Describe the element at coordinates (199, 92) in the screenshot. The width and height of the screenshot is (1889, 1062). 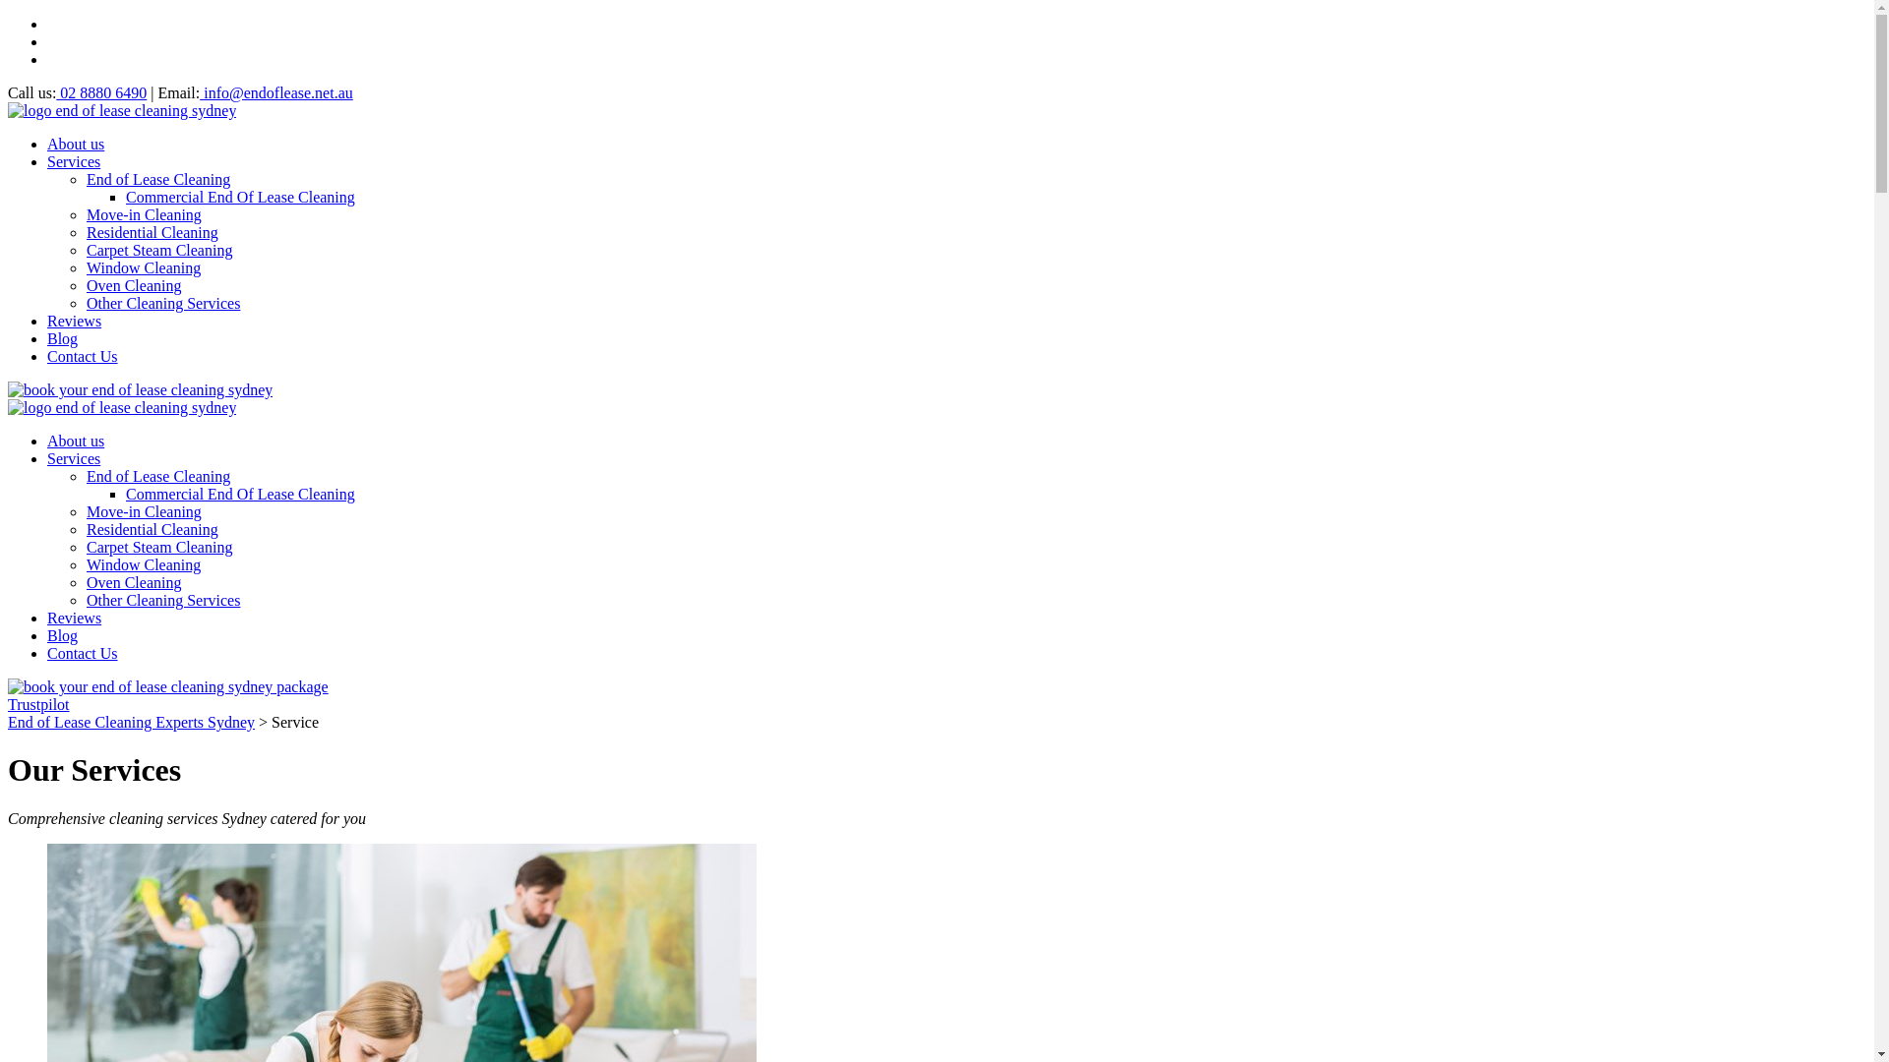
I see `'info@endoflease.net.au'` at that location.